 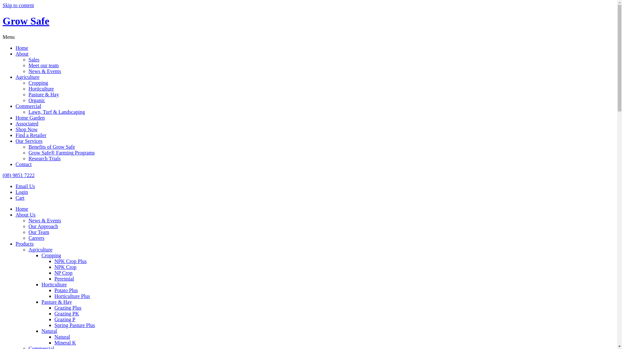 What do you see at coordinates (75, 325) in the screenshot?
I see `'Spring Pasture Plus'` at bounding box center [75, 325].